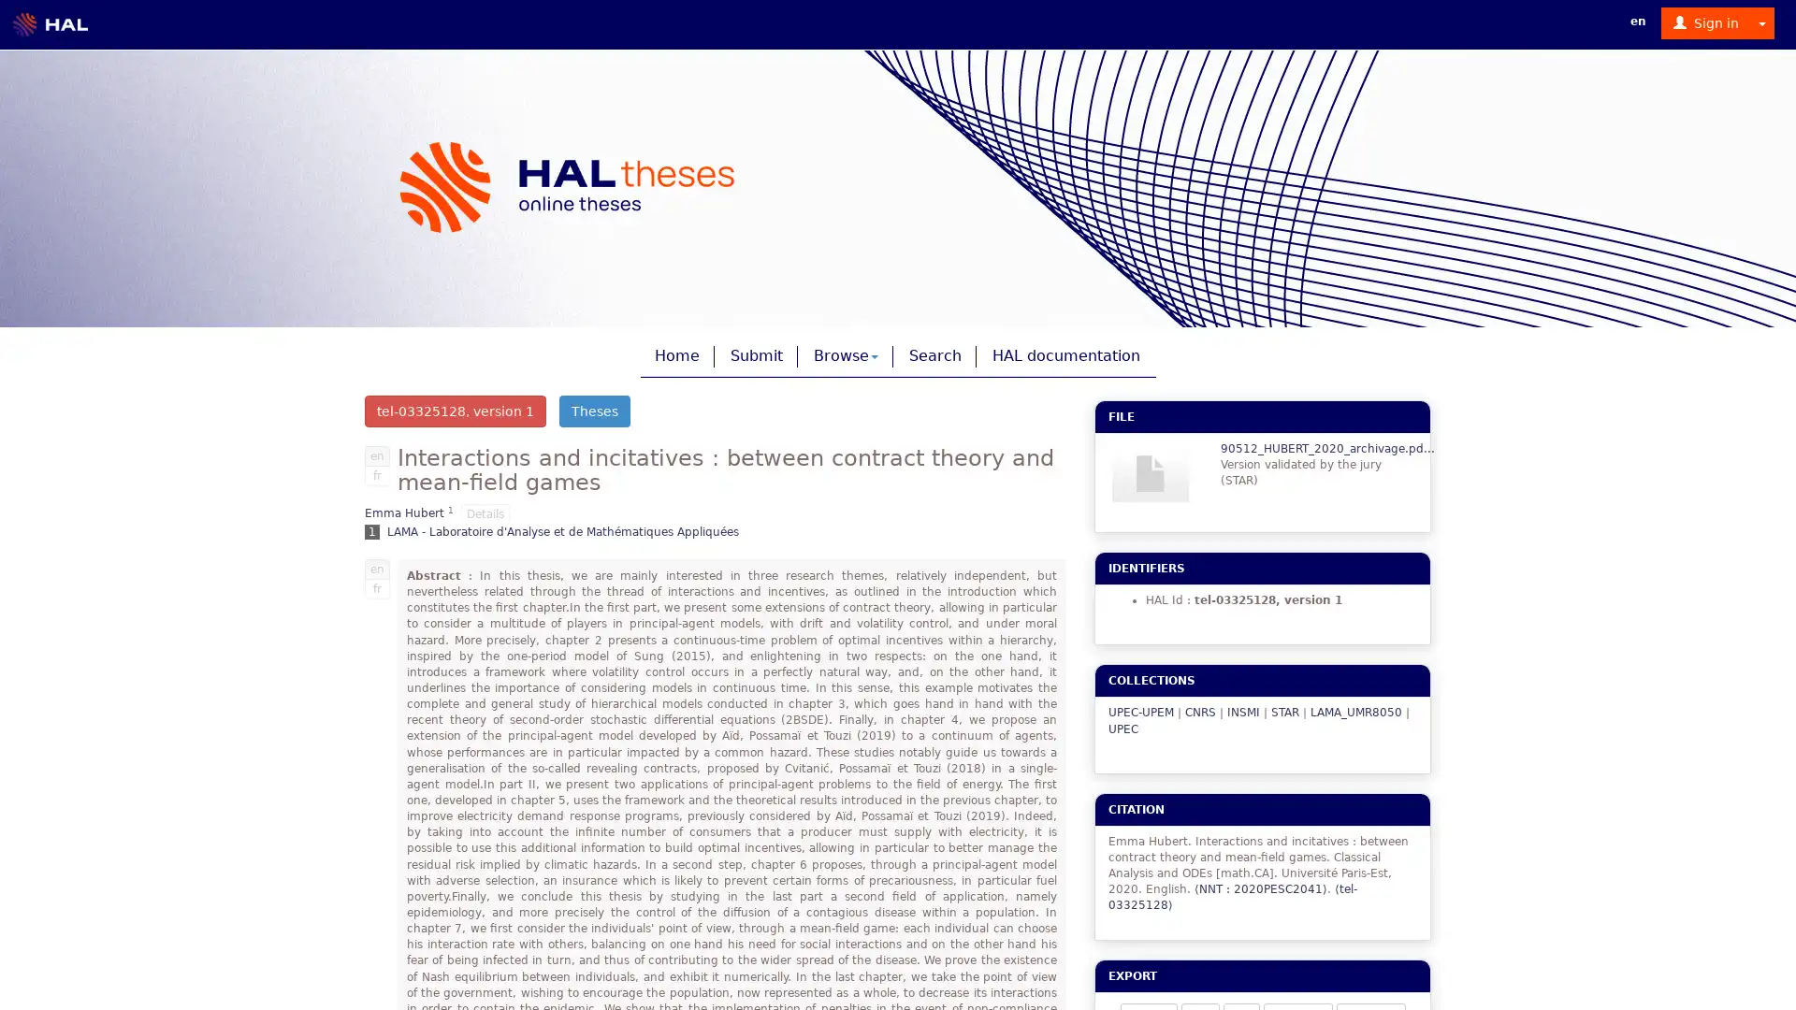 This screenshot has height=1010, width=1796. What do you see at coordinates (376, 454) in the screenshot?
I see `en` at bounding box center [376, 454].